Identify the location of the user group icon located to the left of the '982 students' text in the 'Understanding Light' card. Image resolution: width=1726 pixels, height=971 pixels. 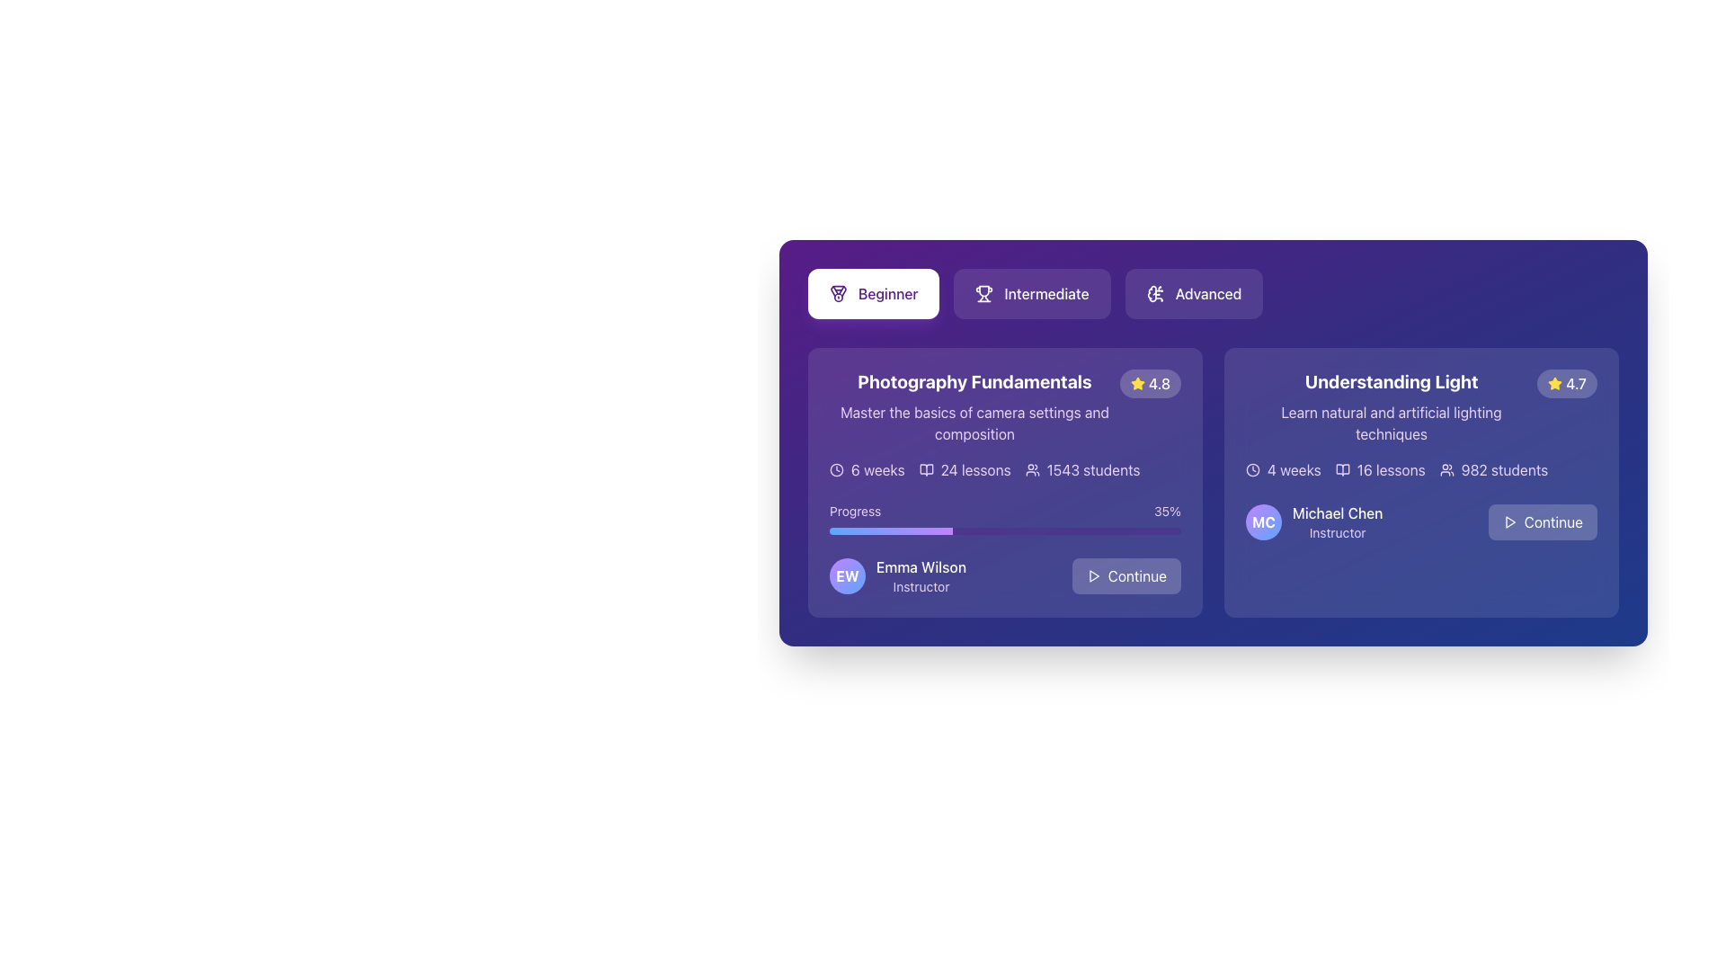
(1446, 469).